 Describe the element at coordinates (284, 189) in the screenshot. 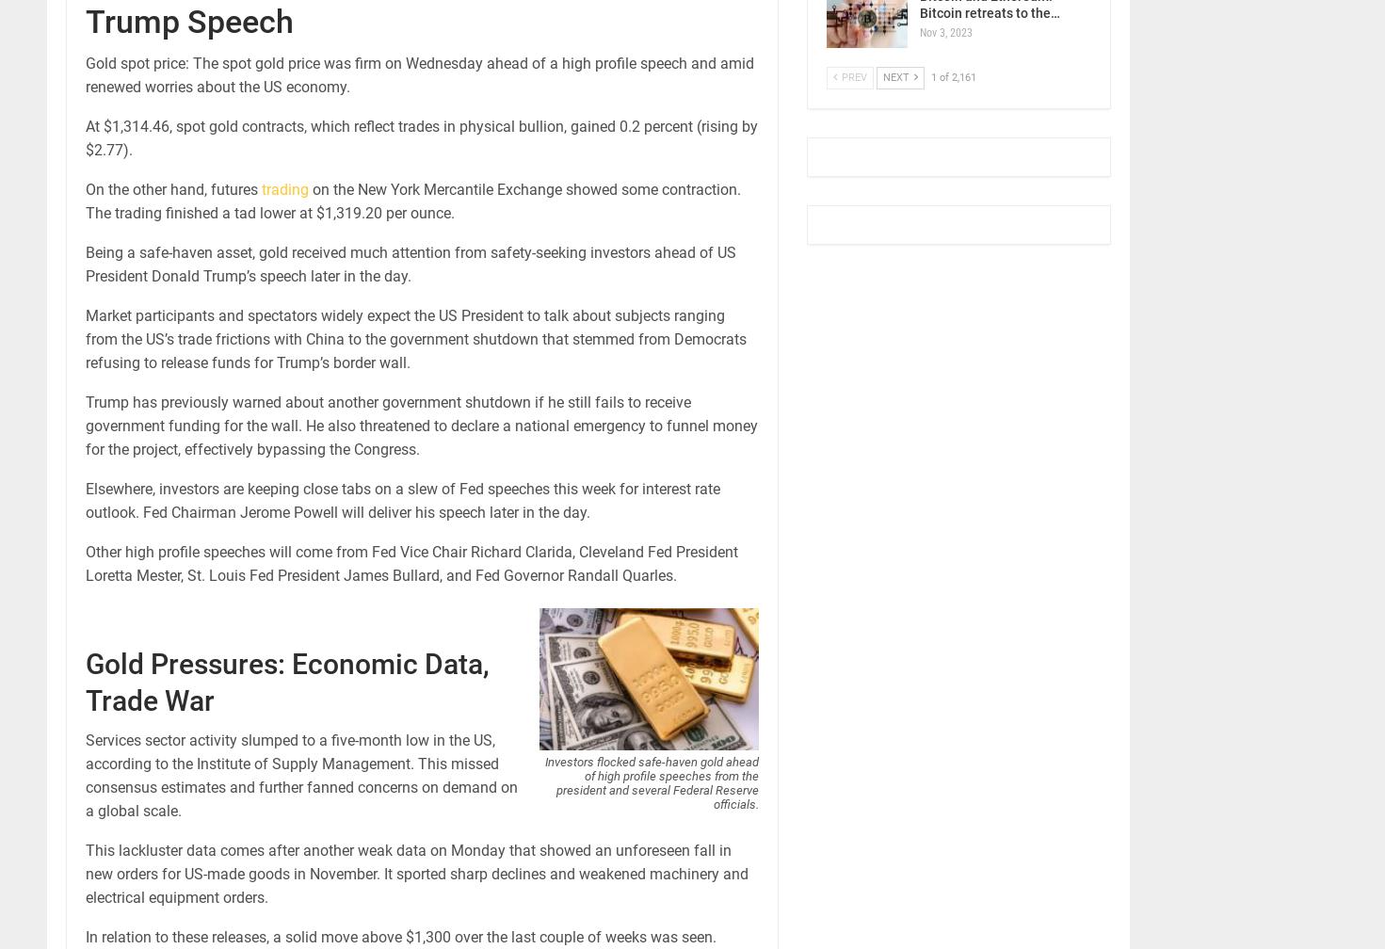

I see `'trading'` at that location.